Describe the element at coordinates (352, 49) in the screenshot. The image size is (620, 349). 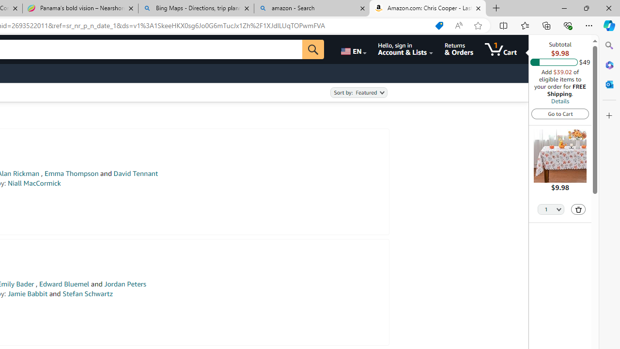
I see `'Choose a language for shopping.'` at that location.